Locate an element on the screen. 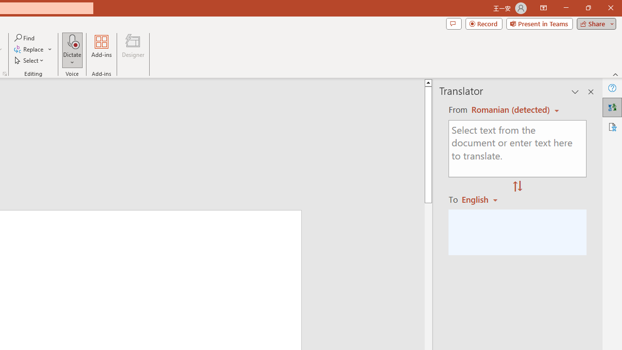 The image size is (622, 350). 'Task Pane Options' is located at coordinates (575, 92).